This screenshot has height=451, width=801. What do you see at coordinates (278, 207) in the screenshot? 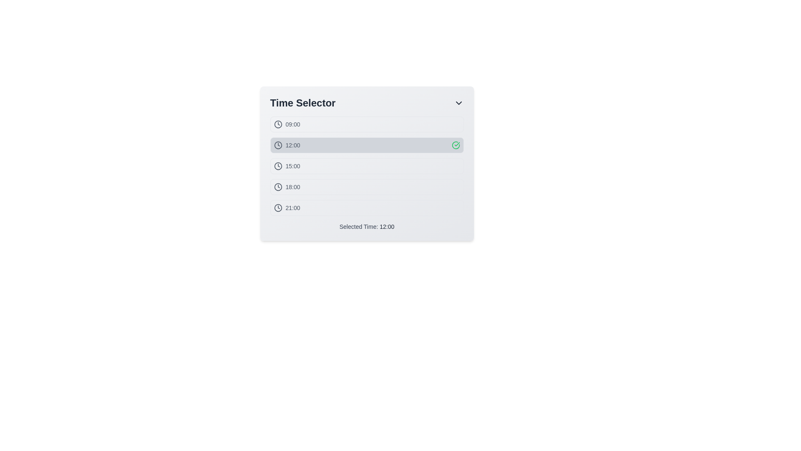
I see `the graphical part of the clock icon representing the '21:00' time option, which is located in the lower section of the list beneath the '18:00' time option` at bounding box center [278, 207].